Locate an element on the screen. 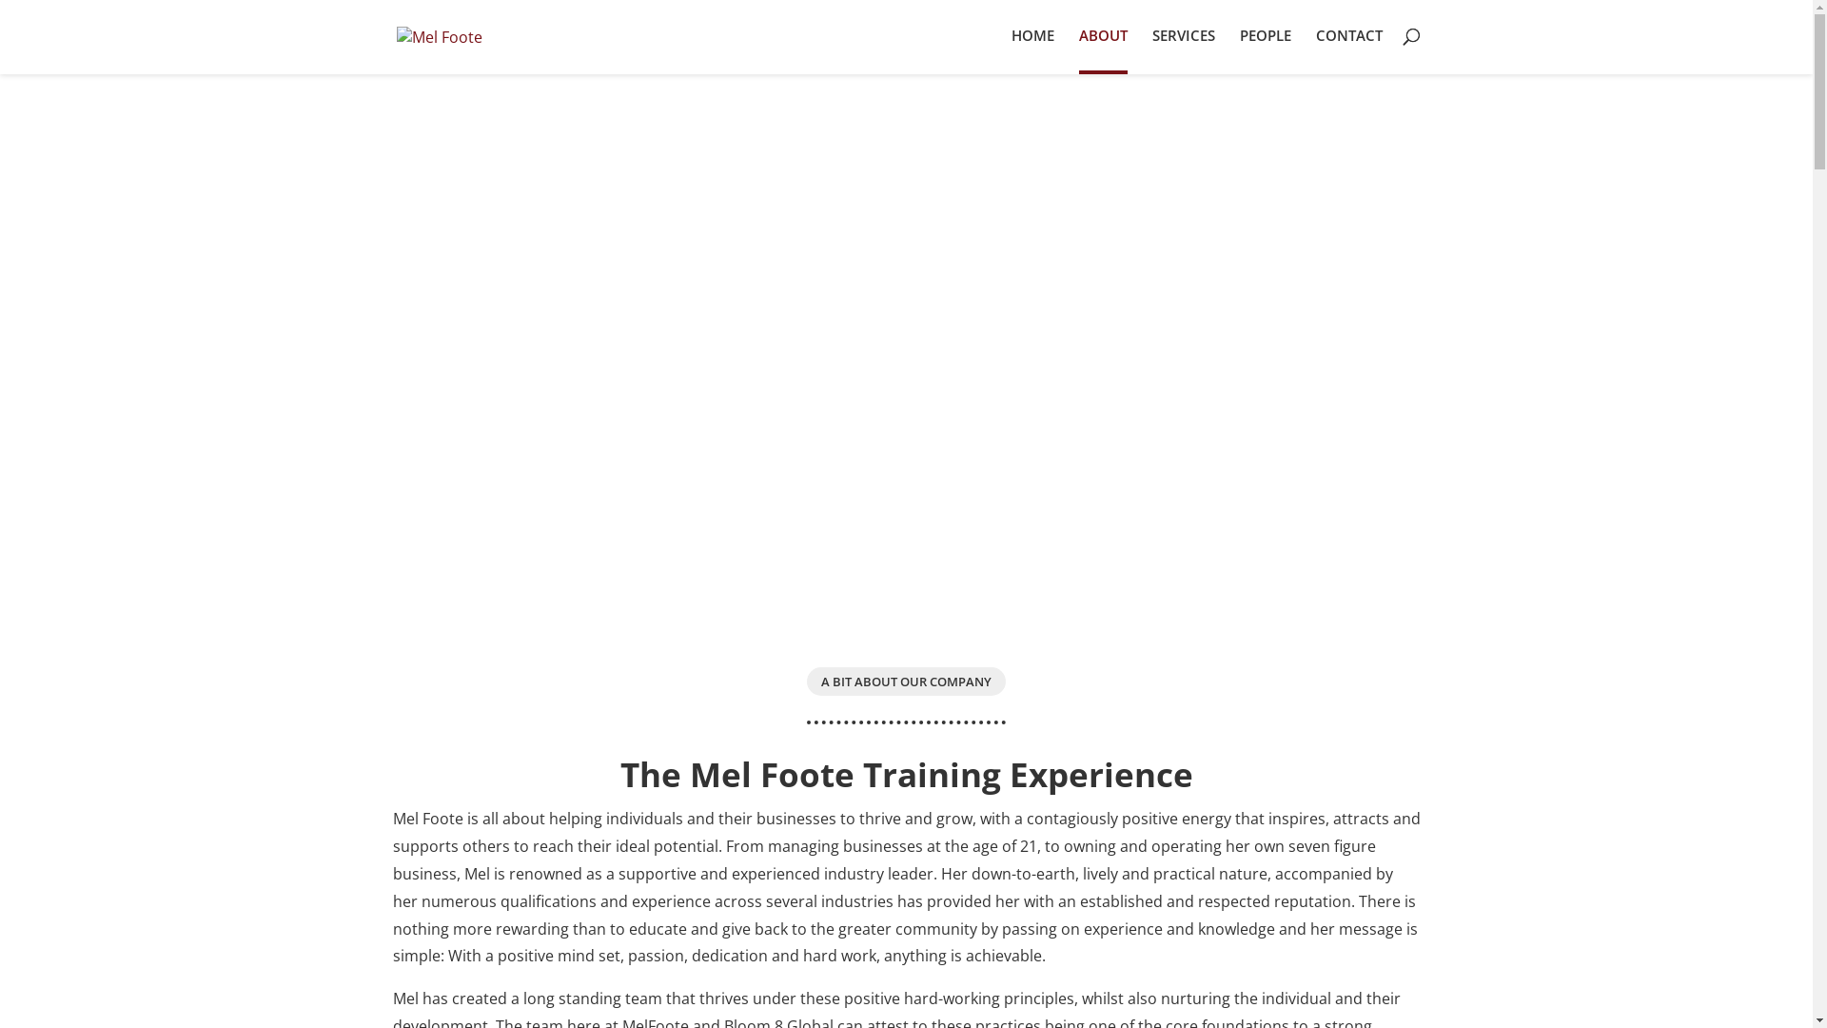 The width and height of the screenshot is (1827, 1028). 'ABOUT' is located at coordinates (1103, 50).